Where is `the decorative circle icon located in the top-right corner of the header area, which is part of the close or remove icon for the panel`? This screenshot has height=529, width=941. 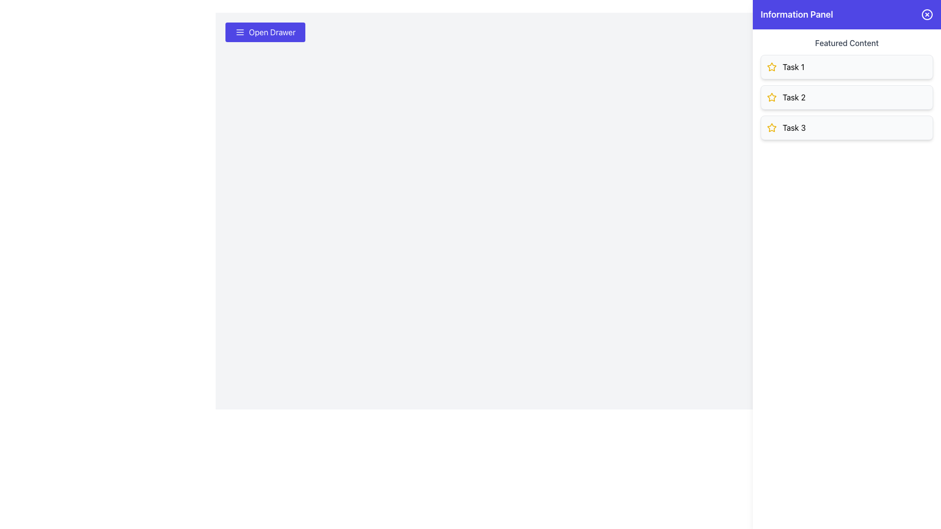 the decorative circle icon located in the top-right corner of the header area, which is part of the close or remove icon for the panel is located at coordinates (926, 15).